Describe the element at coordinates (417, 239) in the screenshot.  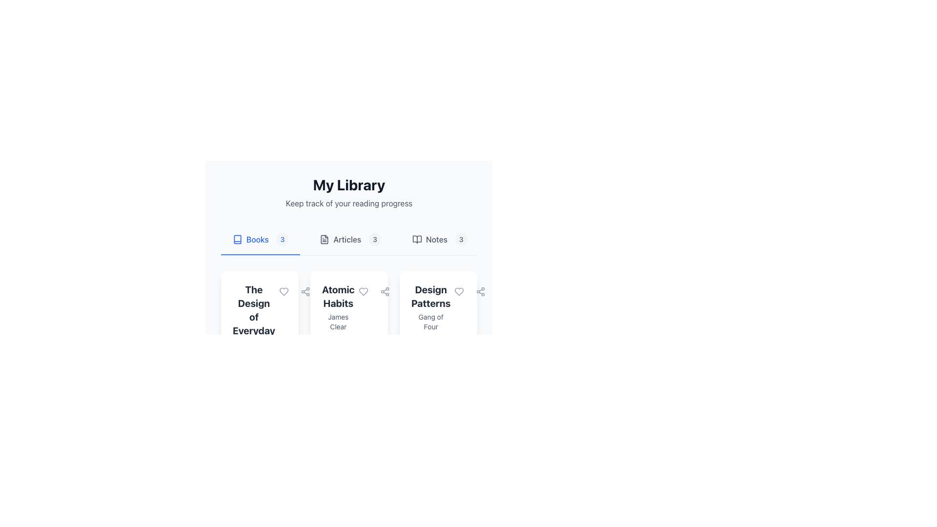
I see `the book icon, which is a minimalistic vector representation of an opened book, located at the top-left section of a library information card` at that location.